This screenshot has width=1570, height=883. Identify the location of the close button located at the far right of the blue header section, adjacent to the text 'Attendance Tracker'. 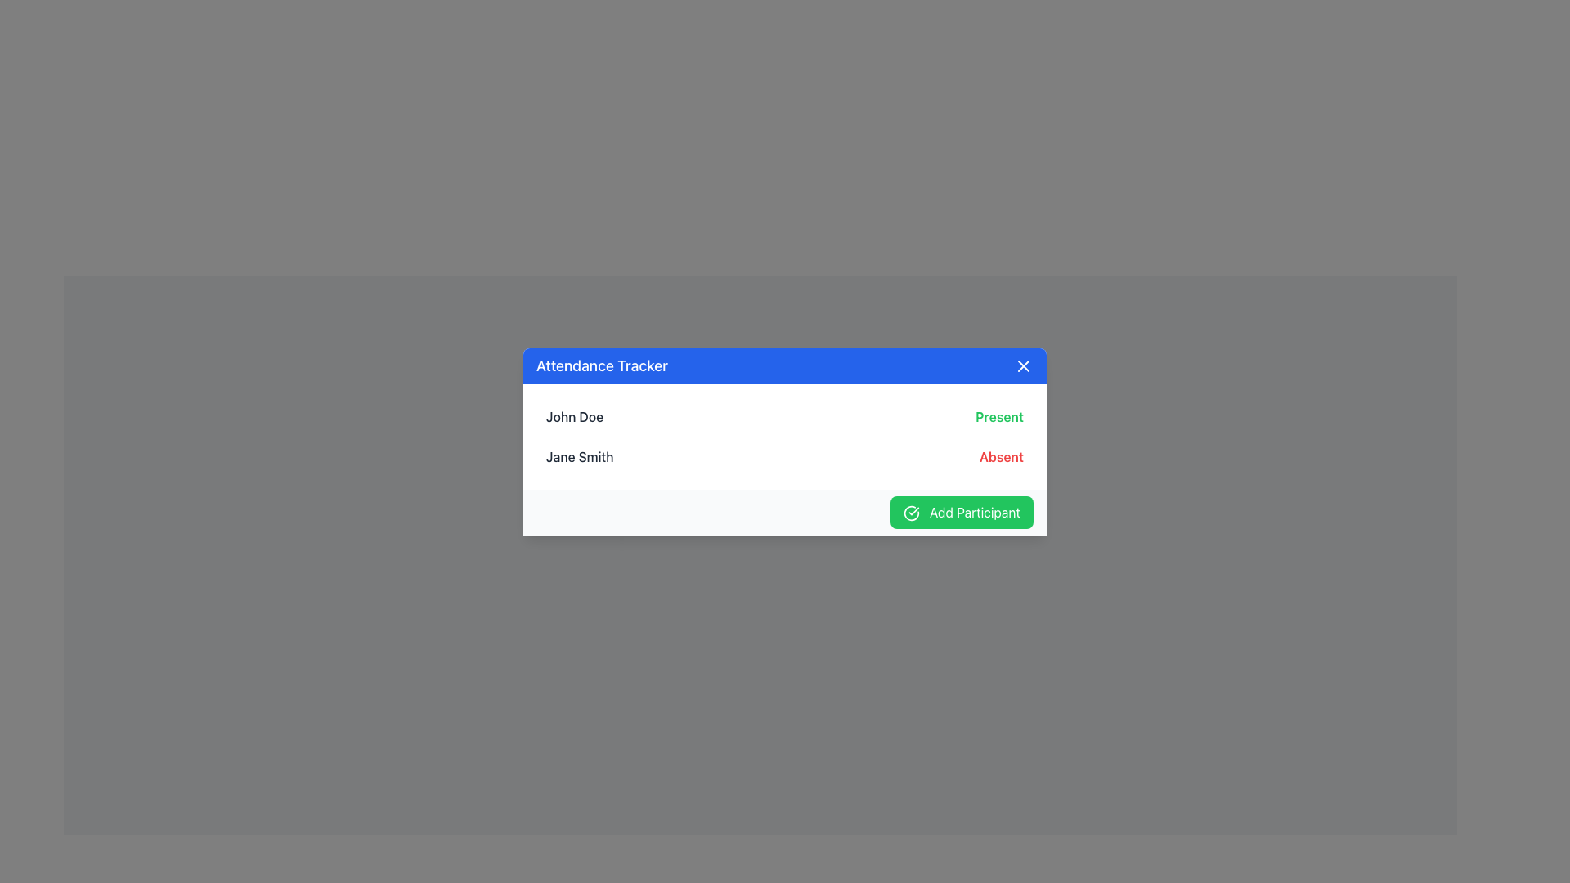
(1023, 365).